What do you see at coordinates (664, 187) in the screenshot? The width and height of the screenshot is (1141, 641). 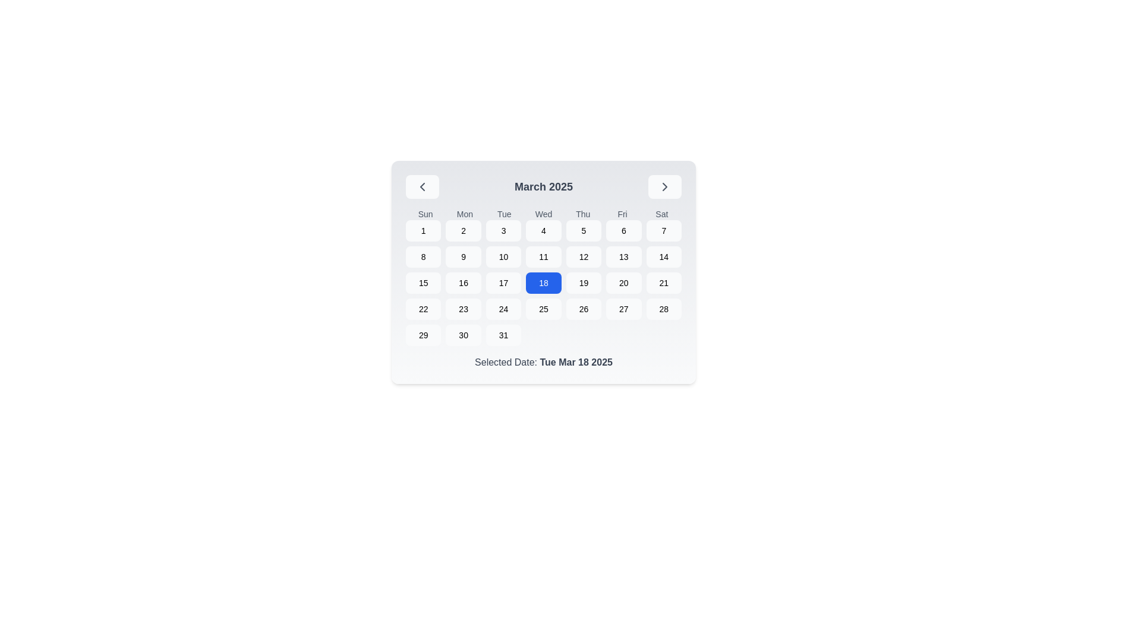 I see `the chevron icon button located on the right side of the calendar header to trigger visual effects` at bounding box center [664, 187].